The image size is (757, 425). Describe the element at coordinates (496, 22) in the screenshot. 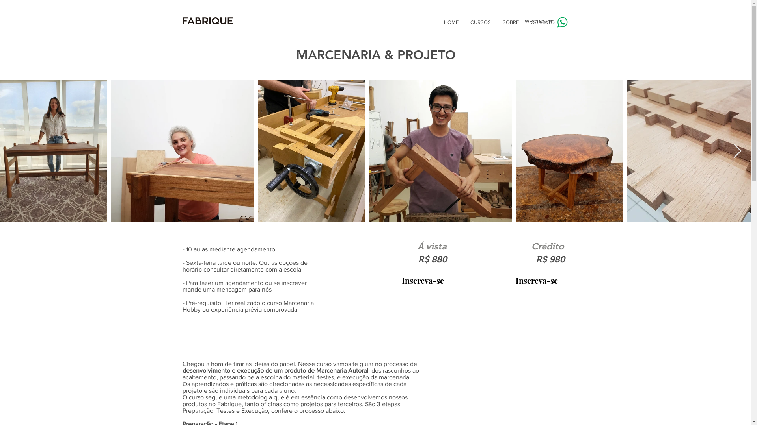

I see `'SOBRE'` at that location.